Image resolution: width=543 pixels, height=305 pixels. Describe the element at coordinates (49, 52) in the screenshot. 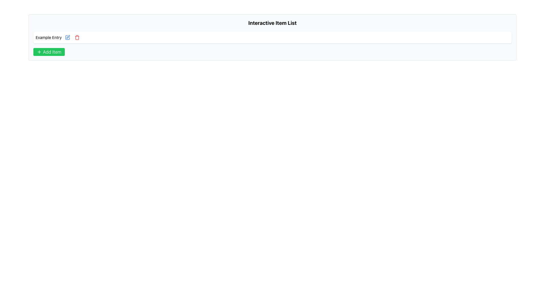

I see `the 'Add Item' button located below the 'Example Entry' item in the 'Interactive Item List' panel` at that location.